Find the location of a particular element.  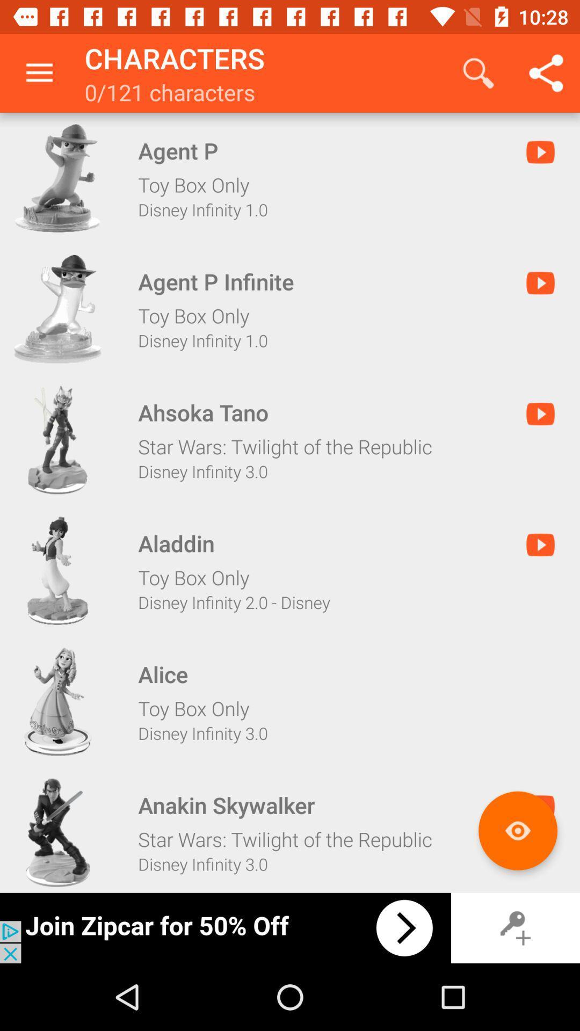

alice toy bix is located at coordinates (57, 701).